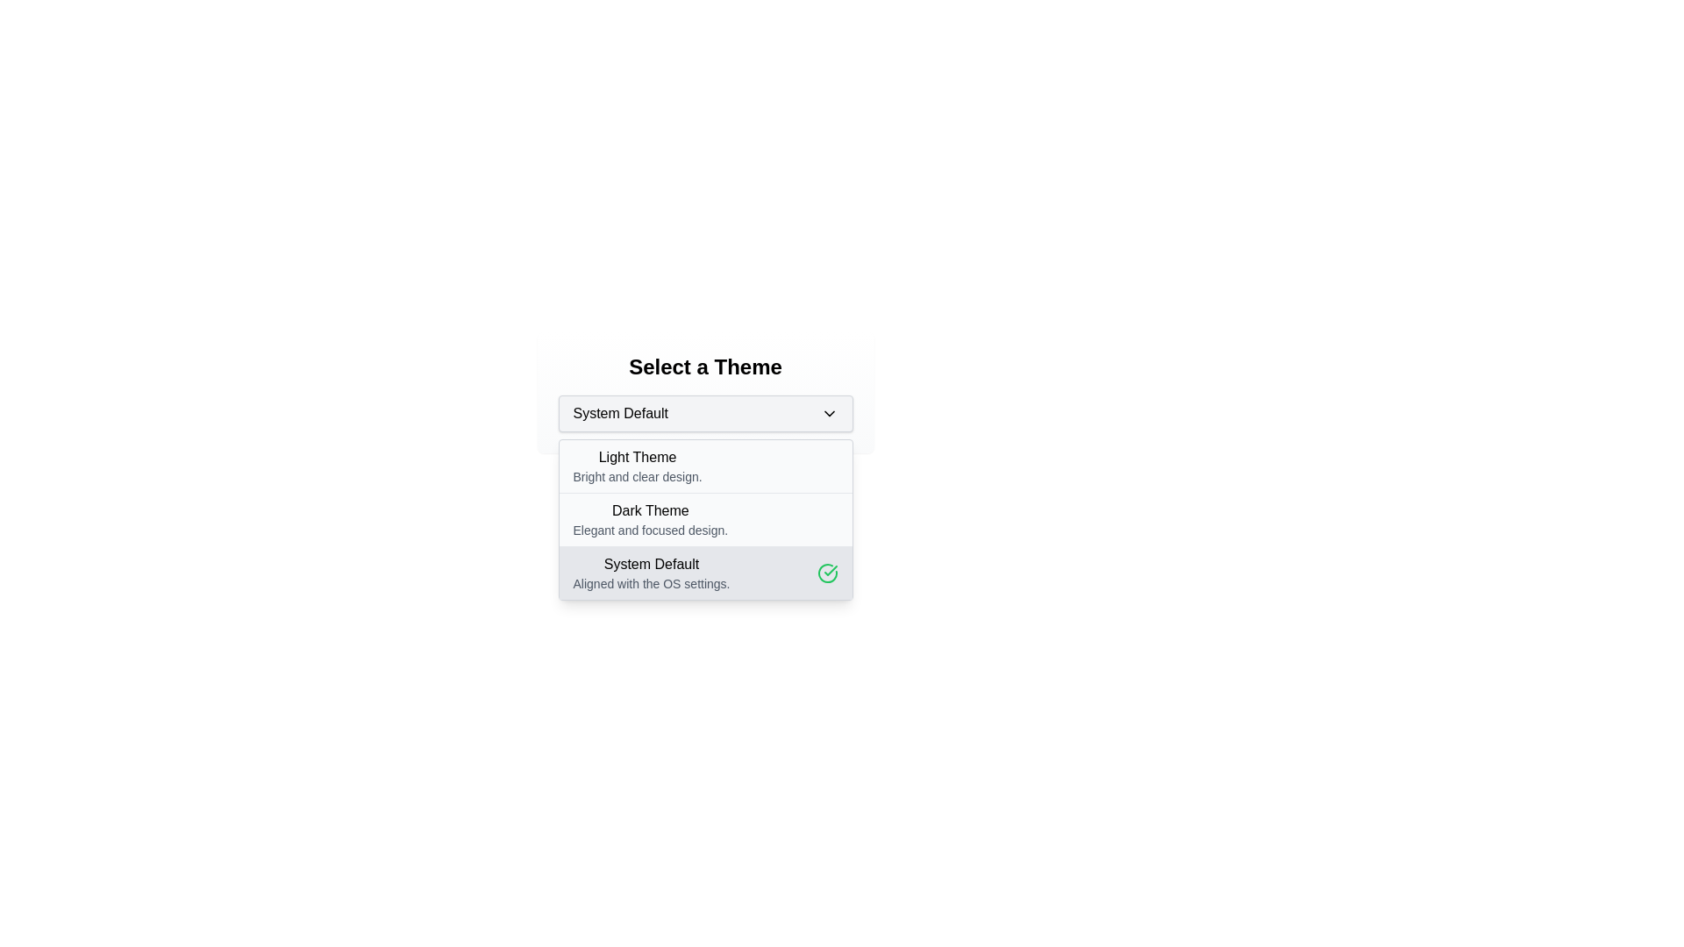 The height and width of the screenshot is (947, 1684). Describe the element at coordinates (705, 391) in the screenshot. I see `the dropdown menu for theme selection located below the title 'Select a Theme'` at that location.